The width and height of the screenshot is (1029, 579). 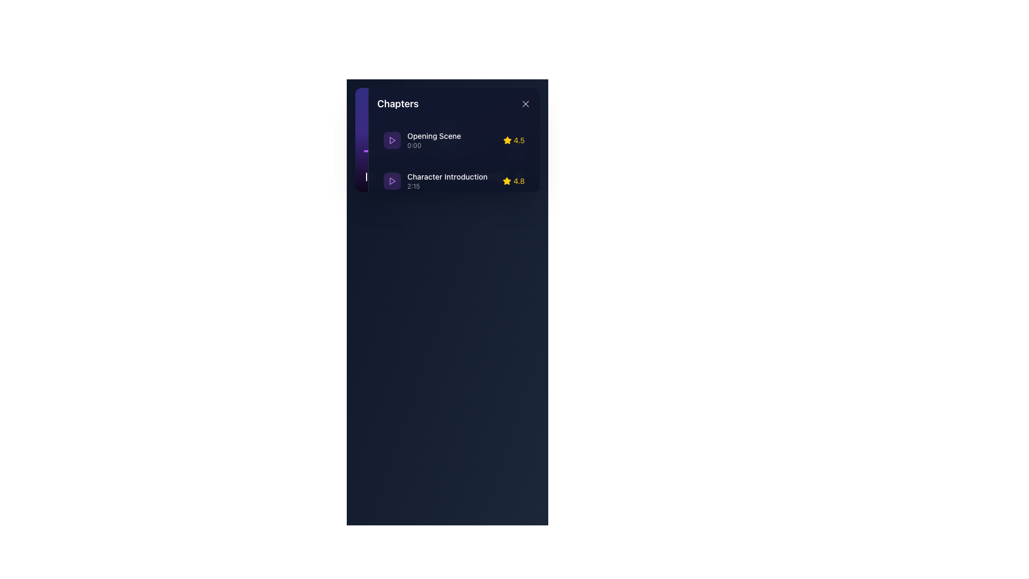 What do you see at coordinates (454, 140) in the screenshot?
I see `the interactive list item displaying the chapter title 'Opening Scene'` at bounding box center [454, 140].